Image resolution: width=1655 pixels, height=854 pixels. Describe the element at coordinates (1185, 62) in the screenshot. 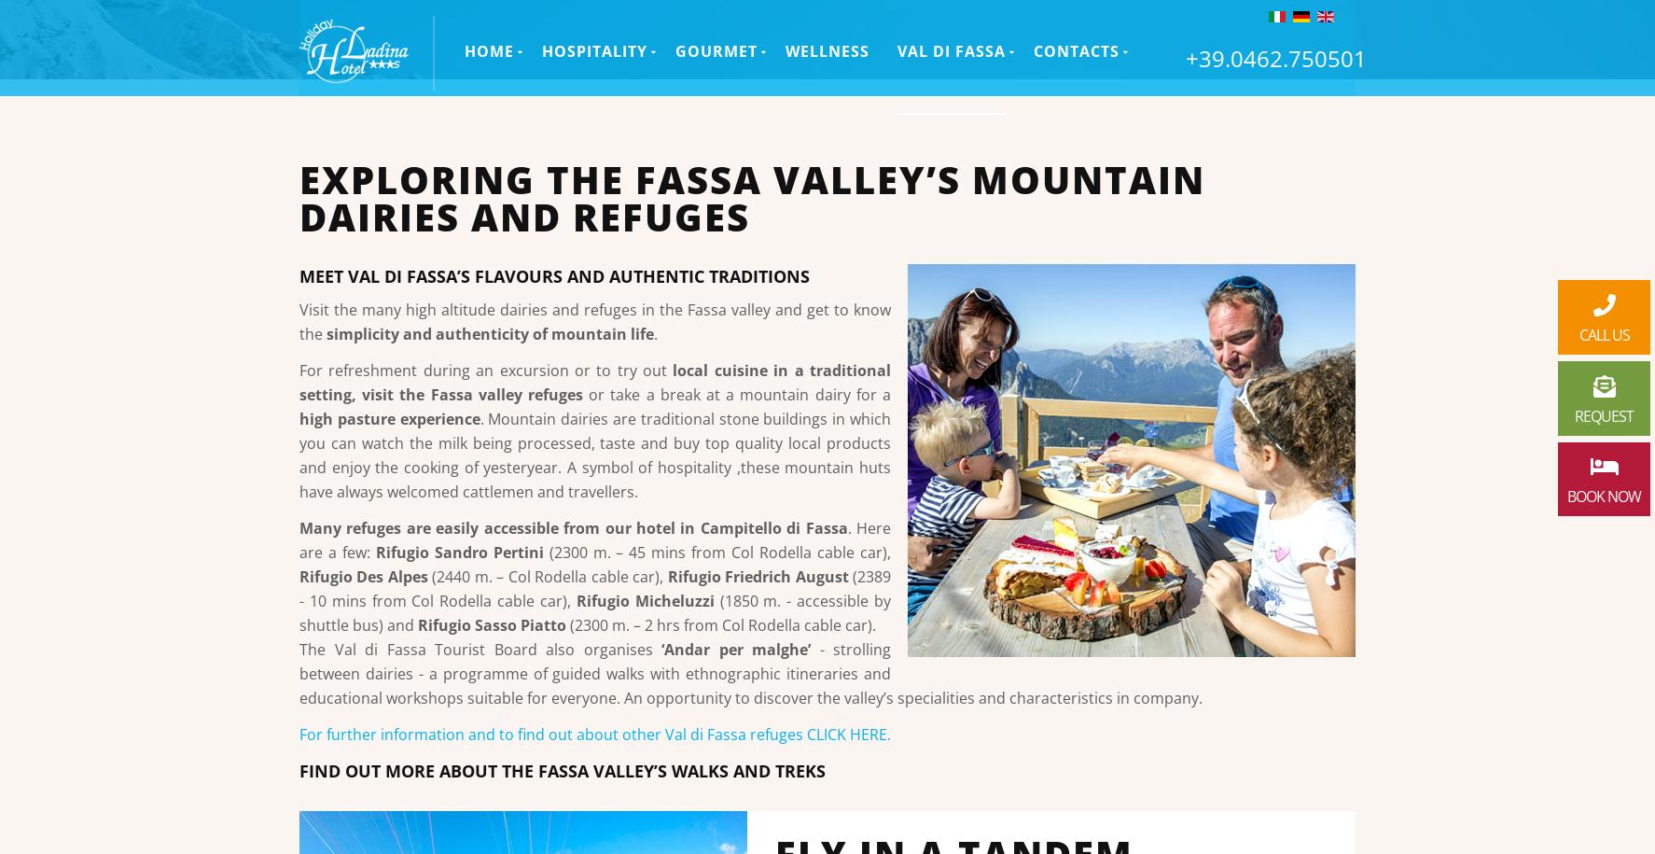

I see `'+39.0462.750501'` at that location.